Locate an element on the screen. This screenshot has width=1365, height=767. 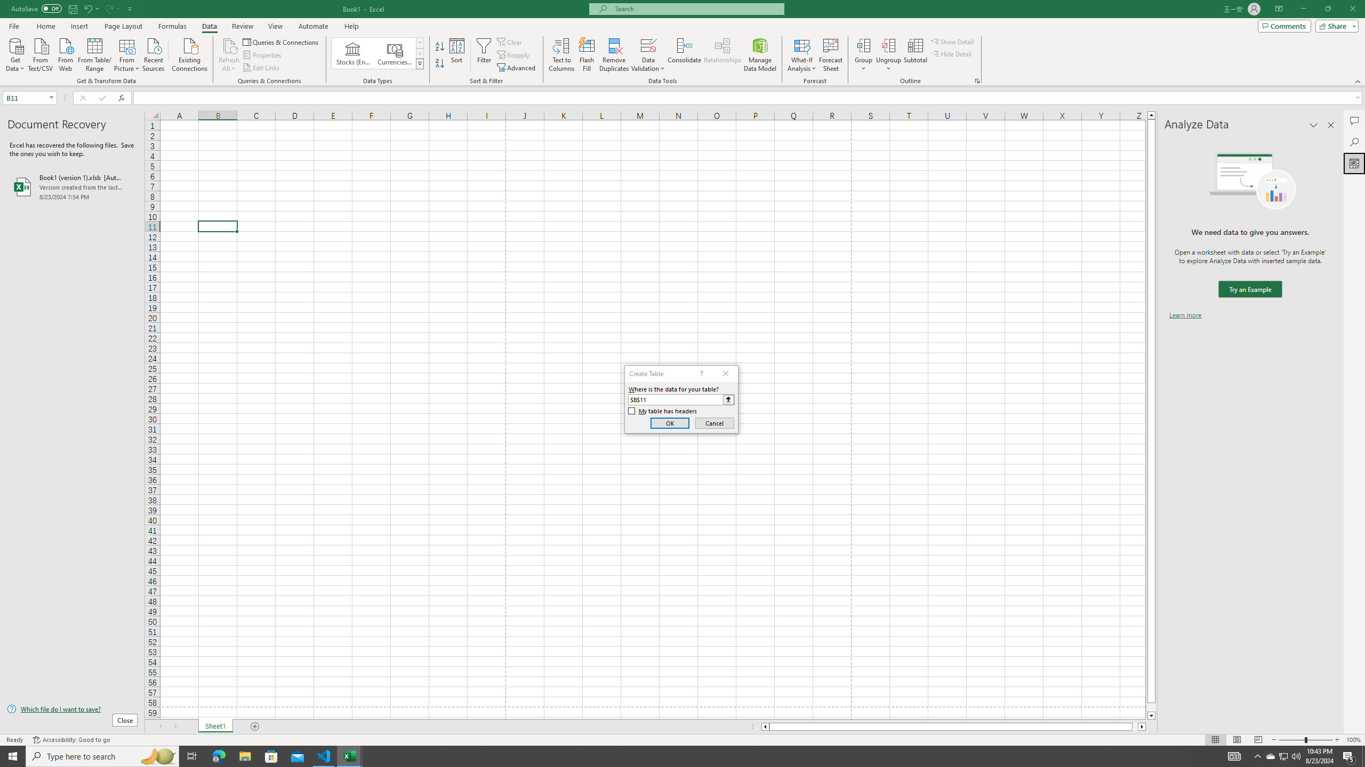
'Stocks (English)' is located at coordinates (352, 53).